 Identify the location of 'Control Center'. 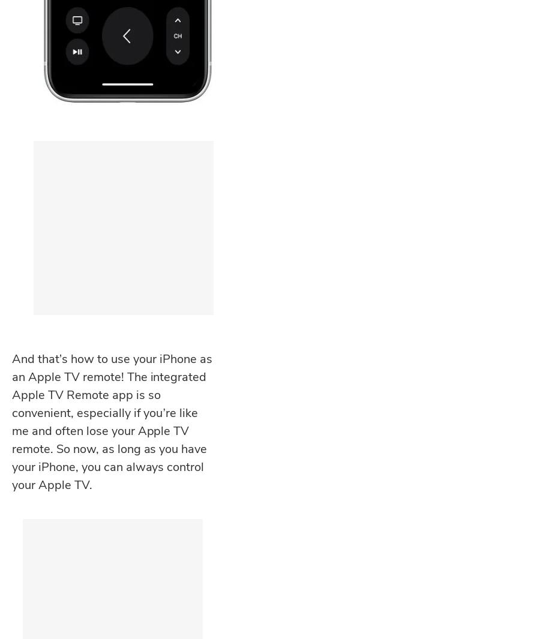
(47, 527).